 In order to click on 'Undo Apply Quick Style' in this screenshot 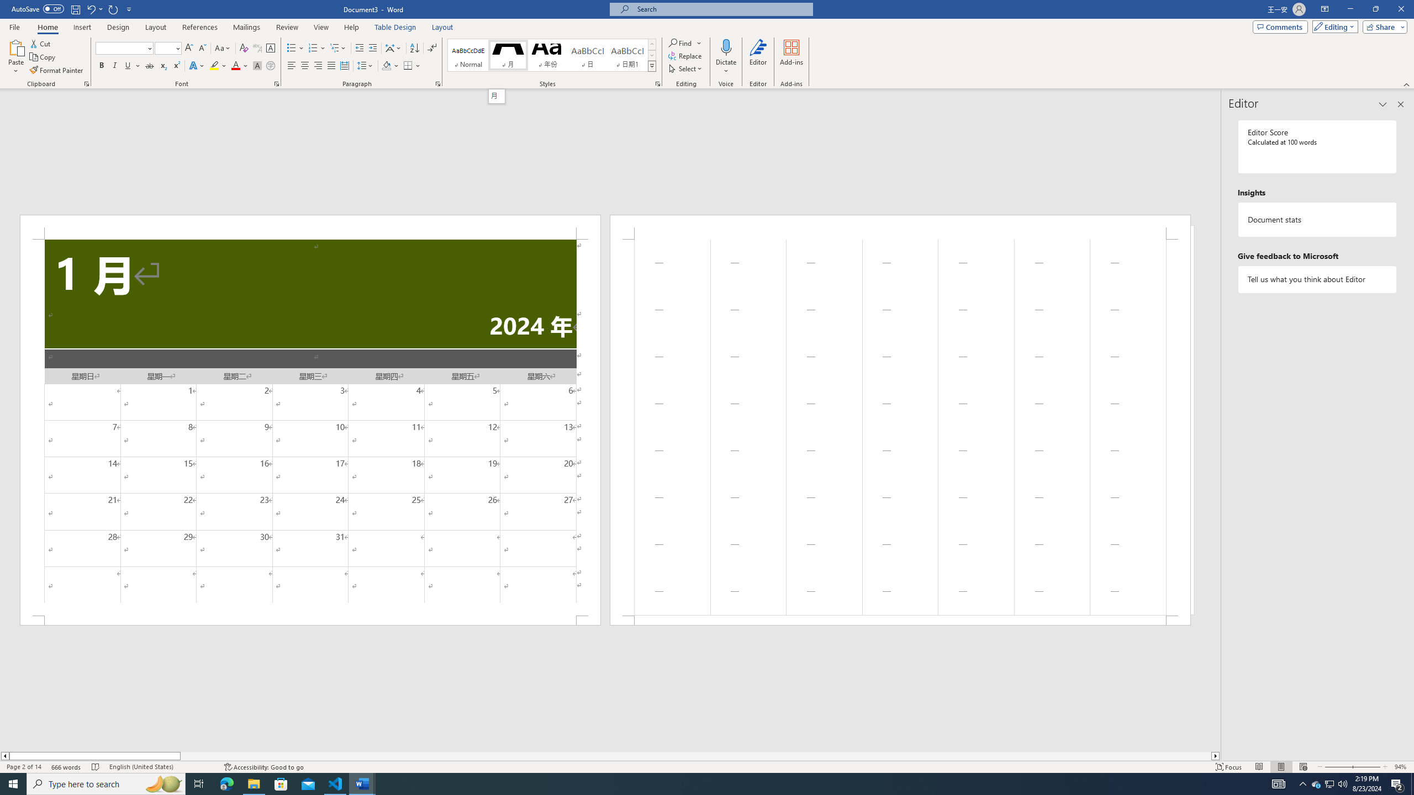, I will do `click(90, 8)`.